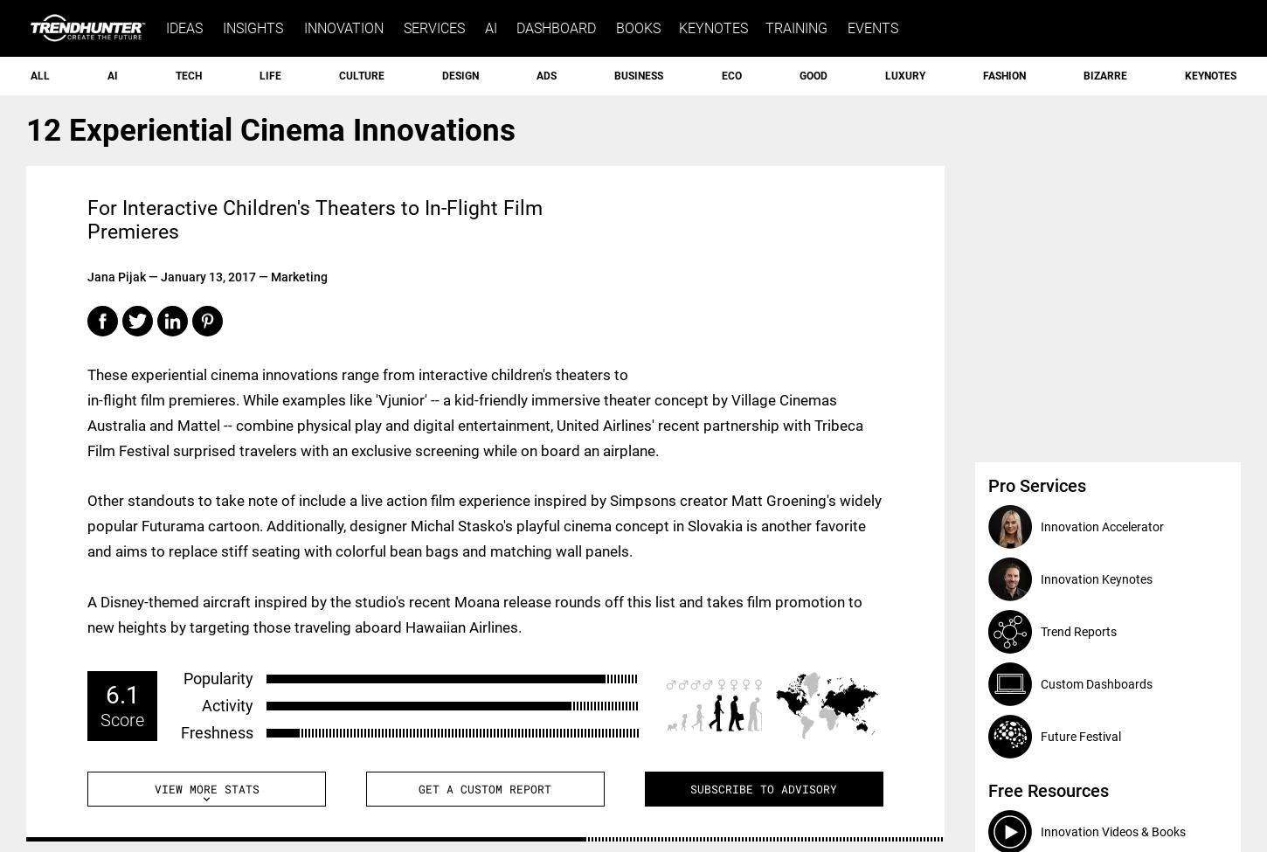 The width and height of the screenshot is (1267, 852). Describe the element at coordinates (253, 28) in the screenshot. I see `'Insights'` at that location.